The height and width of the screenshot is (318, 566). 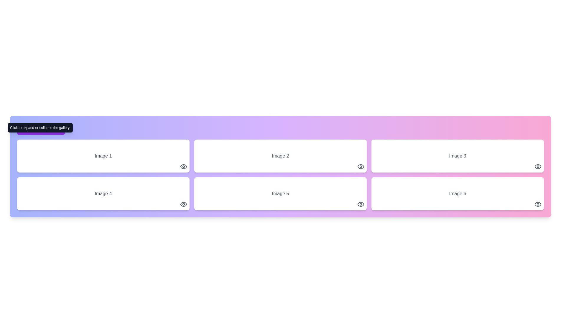 What do you see at coordinates (457, 194) in the screenshot?
I see `the text label displaying 'Image 6' in gray color, located in the bottom-right corner of the interface` at bounding box center [457, 194].